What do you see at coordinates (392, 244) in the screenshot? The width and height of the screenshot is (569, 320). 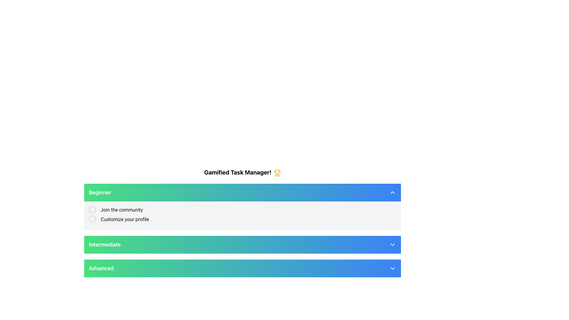 I see `the downward-pointing chevron icon that serves as the dropdown indicator for the 'Intermediate' section` at bounding box center [392, 244].